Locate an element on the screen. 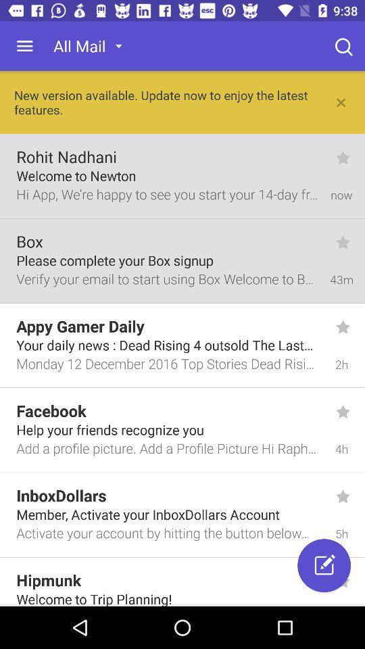 The image size is (365, 649). the edit icon is located at coordinates (323, 565).